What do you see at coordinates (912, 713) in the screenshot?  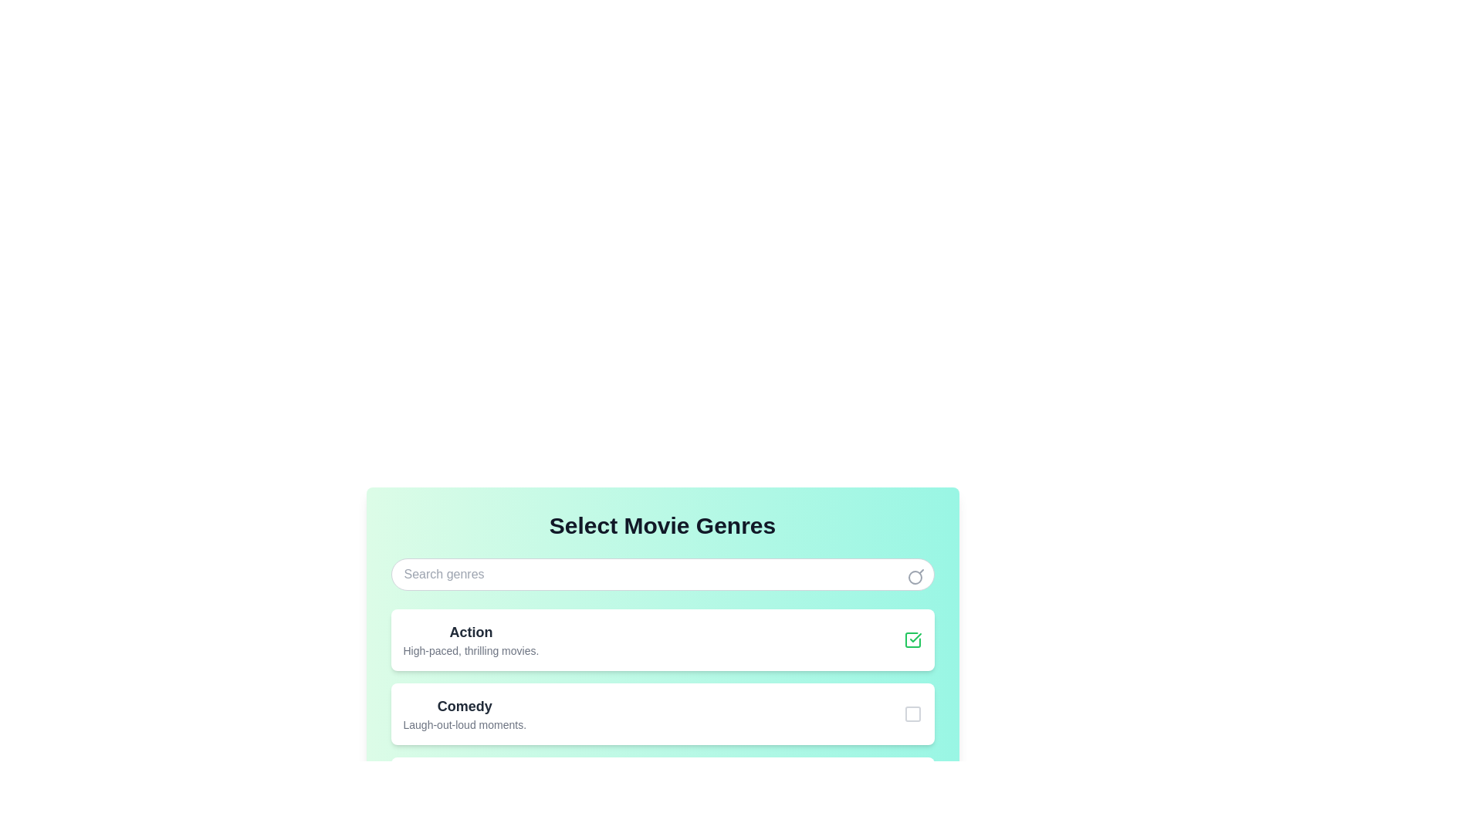 I see `the genre Comedy` at bounding box center [912, 713].